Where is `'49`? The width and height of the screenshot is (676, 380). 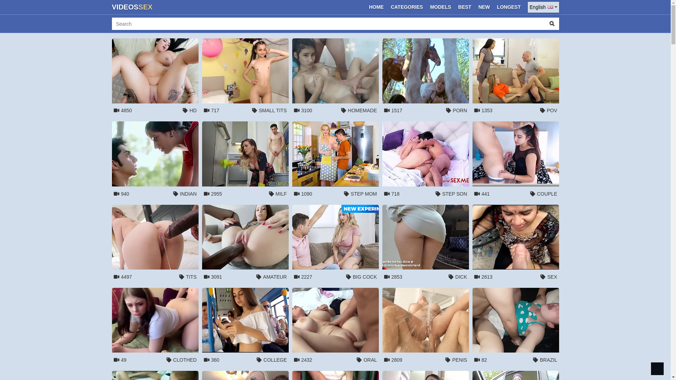 '49 is located at coordinates (155, 327).